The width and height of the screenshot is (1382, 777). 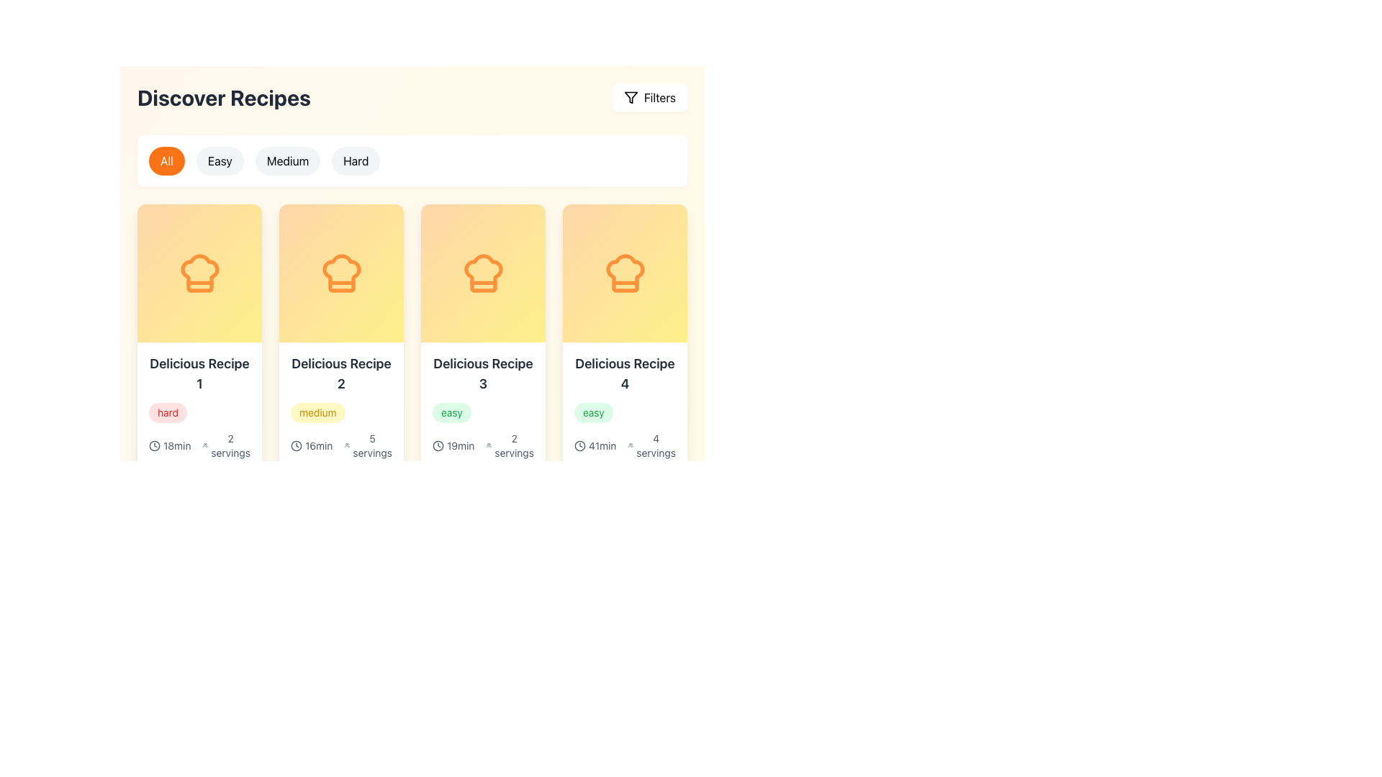 I want to click on the orange chef hat icon located at the top center of the first card in the recipe list, which features a yellow-to-orange gradient background, so click(x=199, y=273).